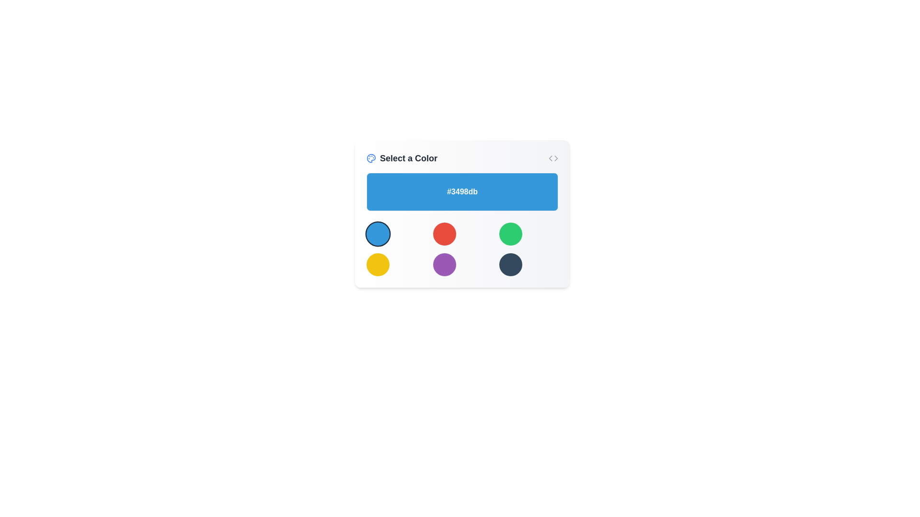 This screenshot has width=920, height=517. Describe the element at coordinates (553, 158) in the screenshot. I see `the decorative icon located at the far right side of the 'Select a Color' header section, adjacent to other text and icons` at that location.